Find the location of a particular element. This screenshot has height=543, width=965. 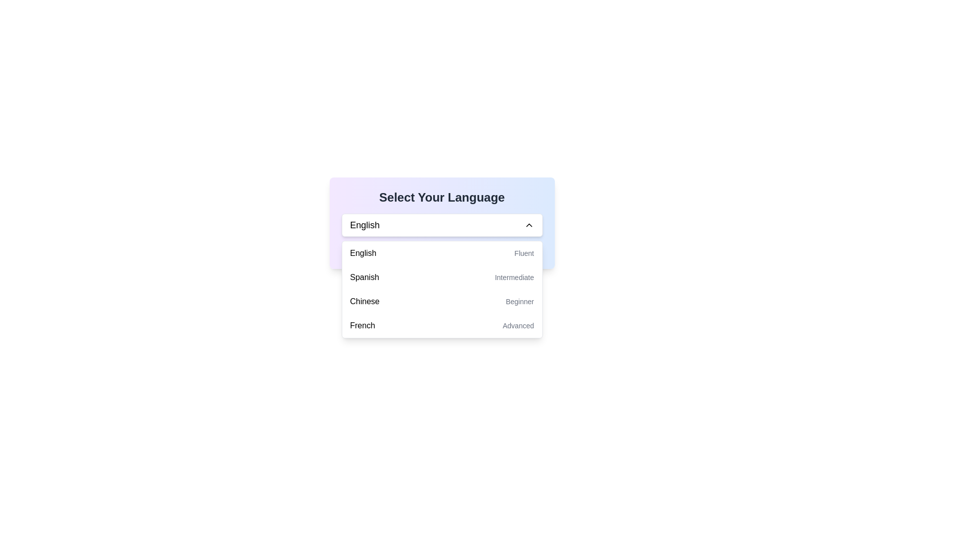

the text label displaying 'English' in bold font style, which is part of the language selector dropdown UI component is located at coordinates (364, 224).